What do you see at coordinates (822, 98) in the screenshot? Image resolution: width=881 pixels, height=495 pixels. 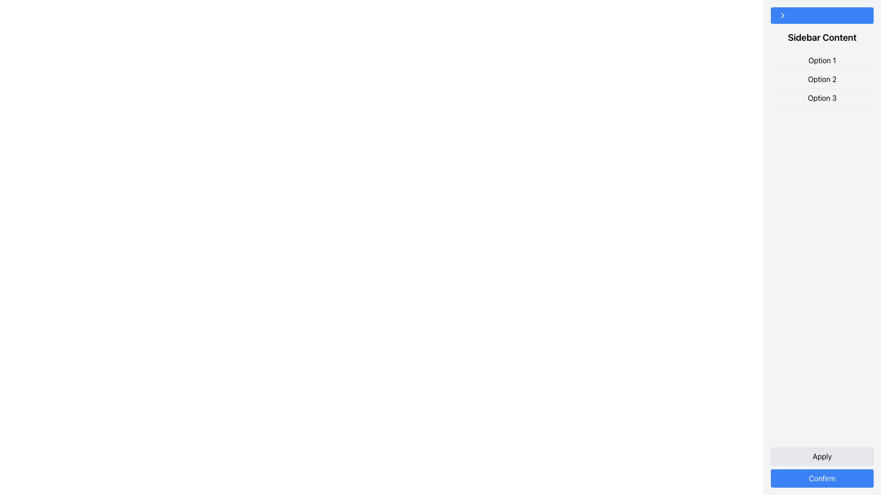 I see `the text label displaying 'Option 3', which is the last option in a vertically stacked list of three options in the sidebar` at bounding box center [822, 98].